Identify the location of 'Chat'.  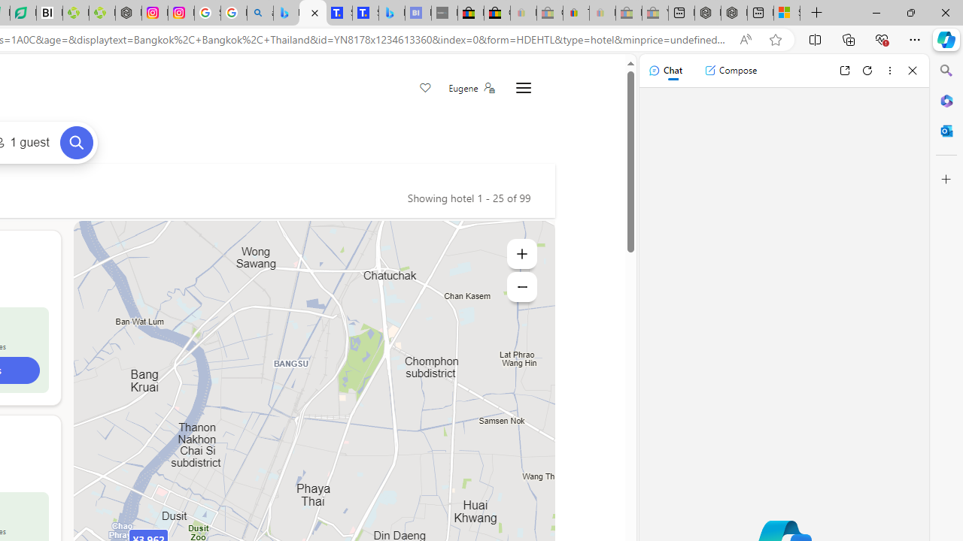
(664, 70).